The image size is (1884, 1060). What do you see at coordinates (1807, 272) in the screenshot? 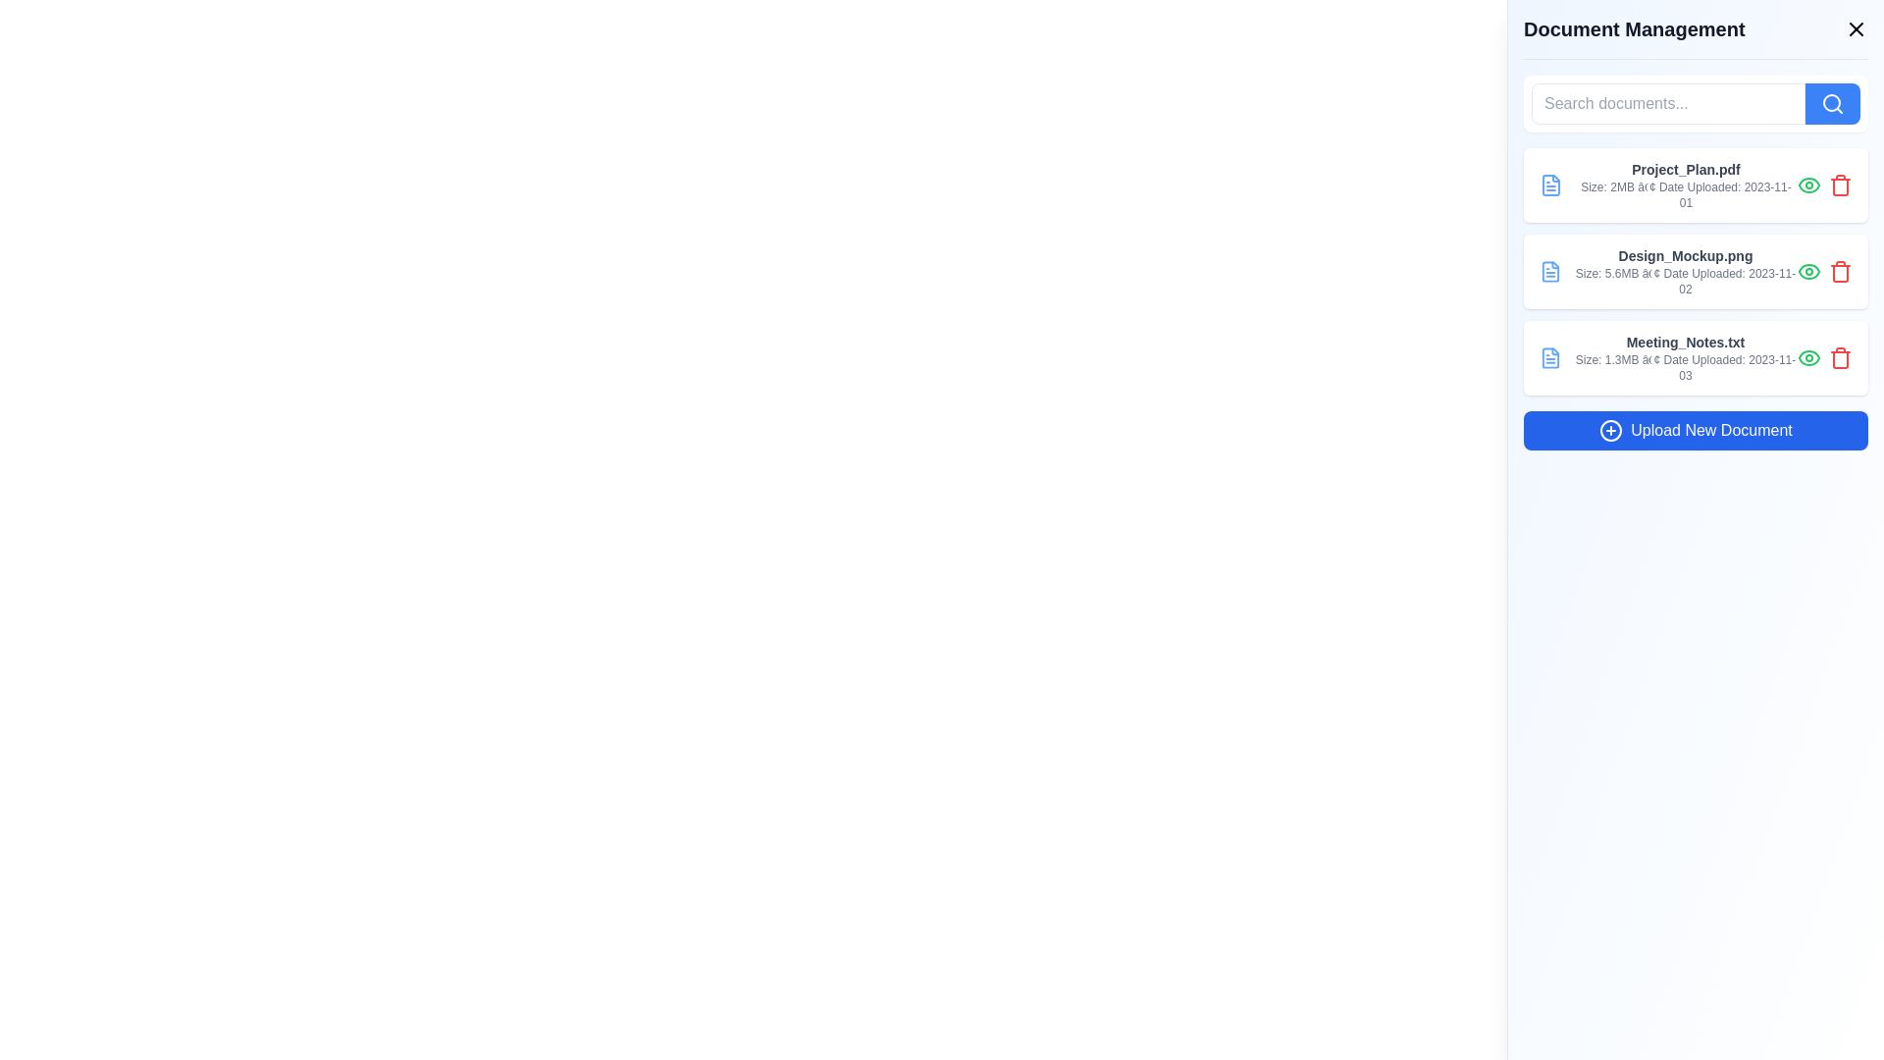
I see `outer elliptical shape of the eye icon, which signifies a visibility or view option, located adjacent to the file description 'Design_Mockup.png' in the document management panel` at bounding box center [1807, 272].